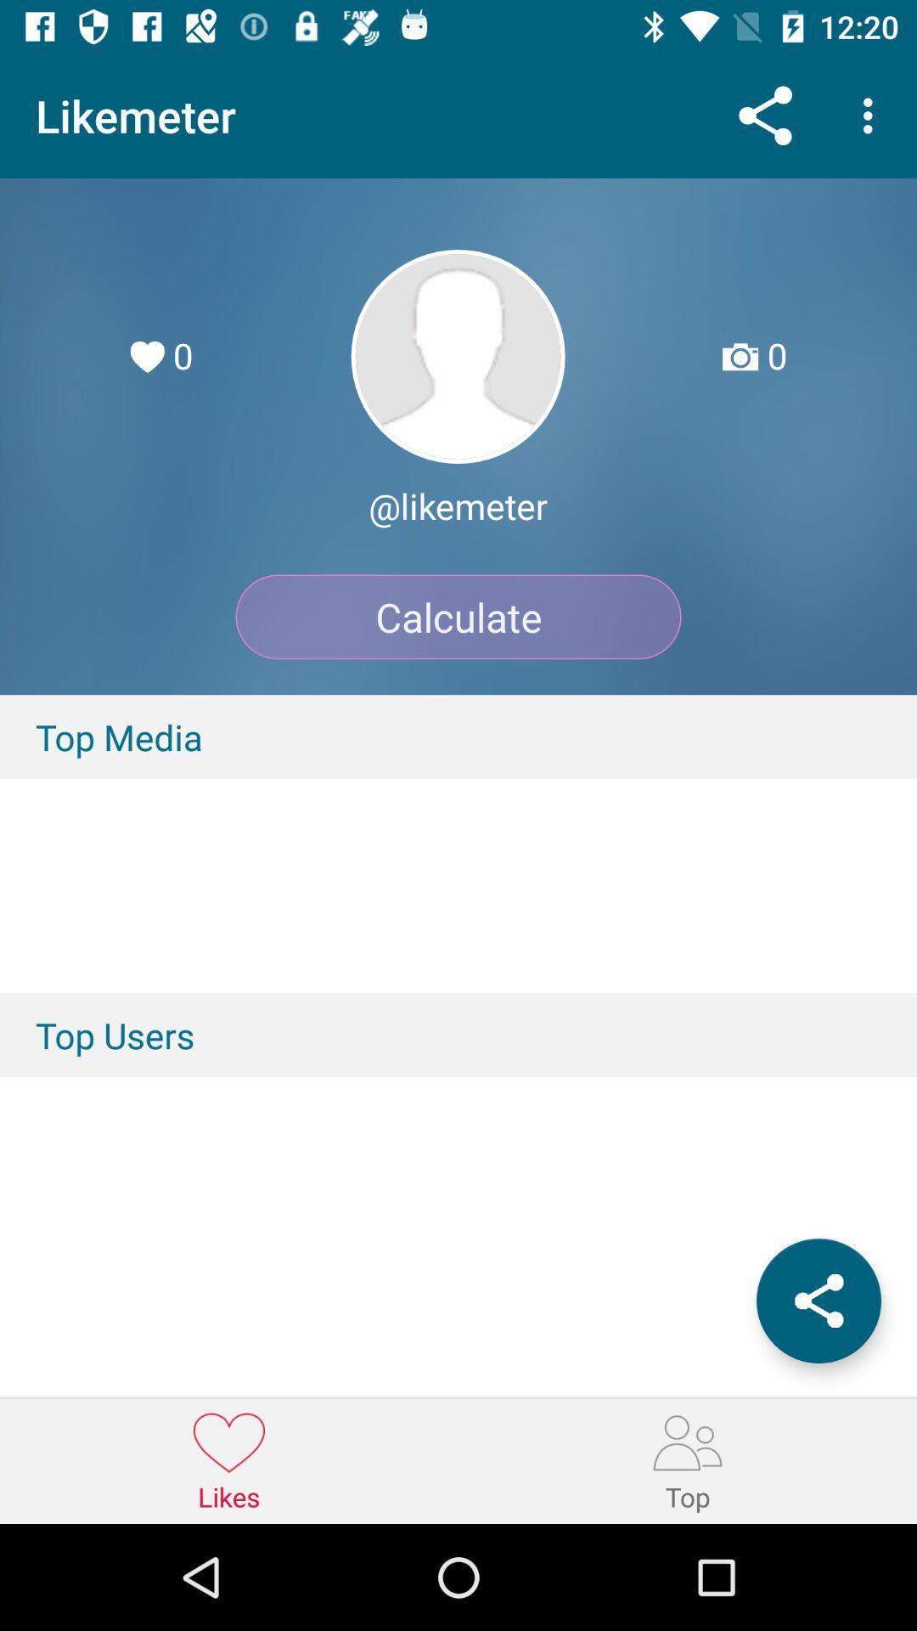  I want to click on item above top media, so click(458, 616).